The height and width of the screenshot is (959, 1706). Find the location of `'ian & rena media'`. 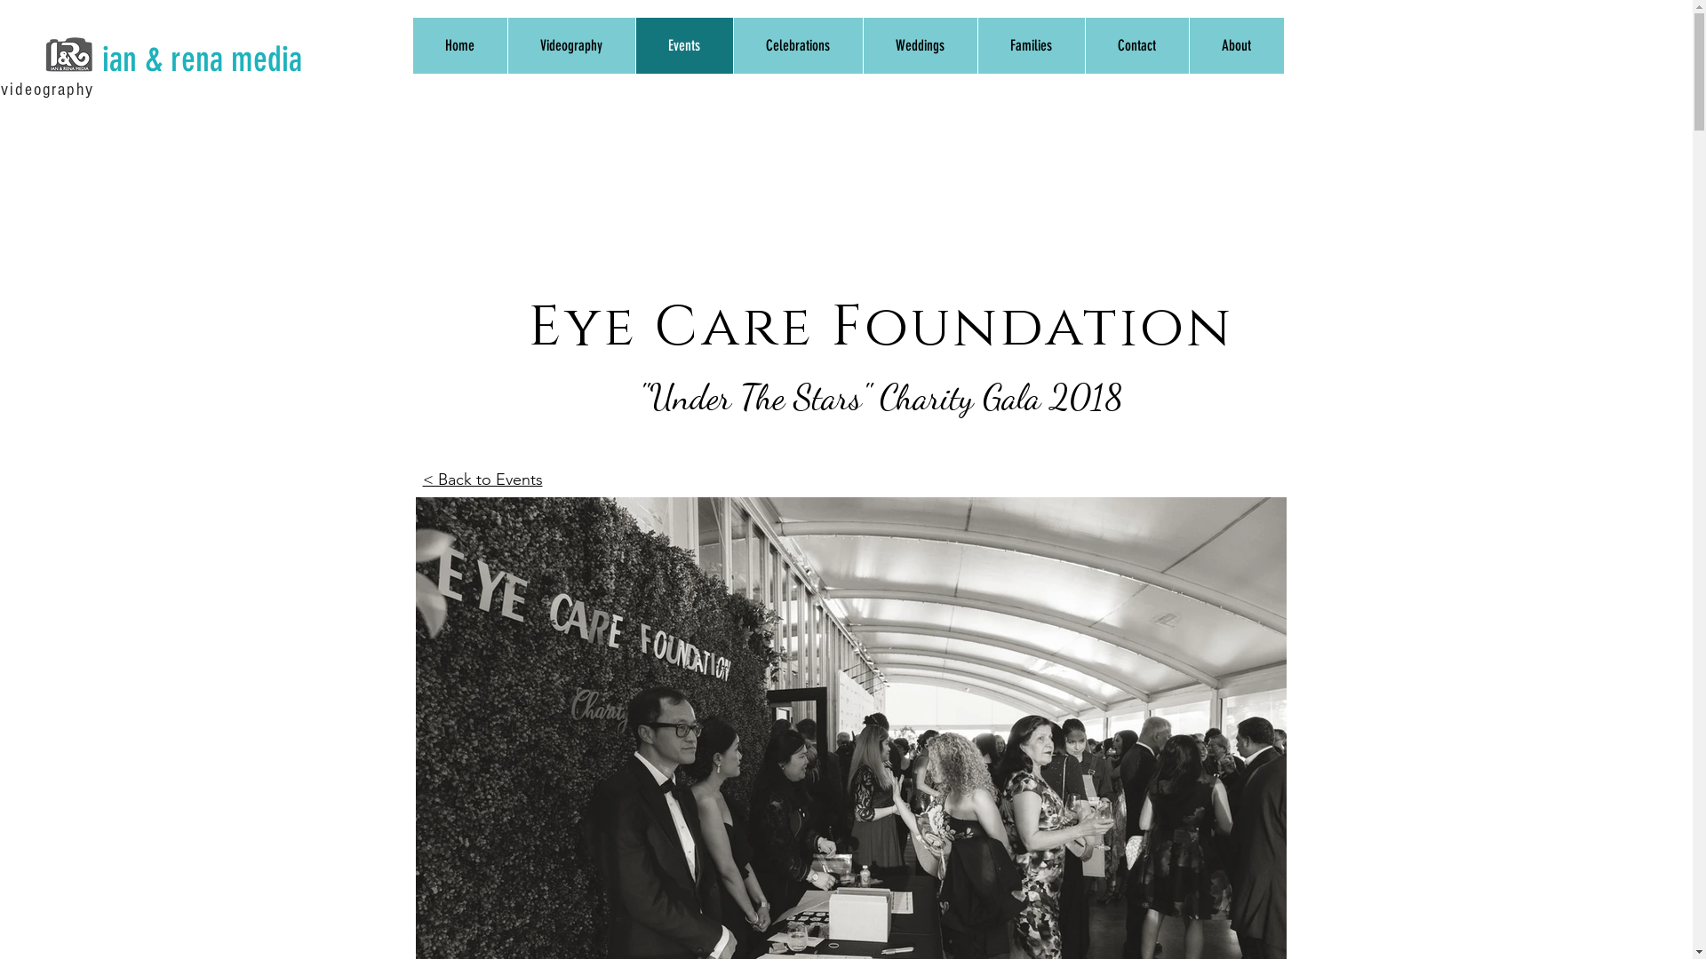

'ian & rena media' is located at coordinates (202, 59).